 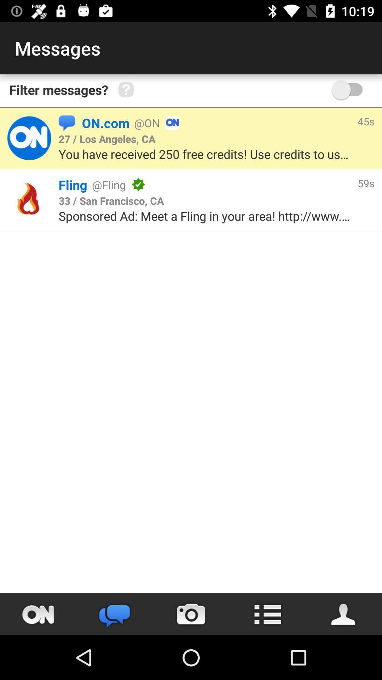 What do you see at coordinates (107, 138) in the screenshot?
I see `icon above the you have received` at bounding box center [107, 138].